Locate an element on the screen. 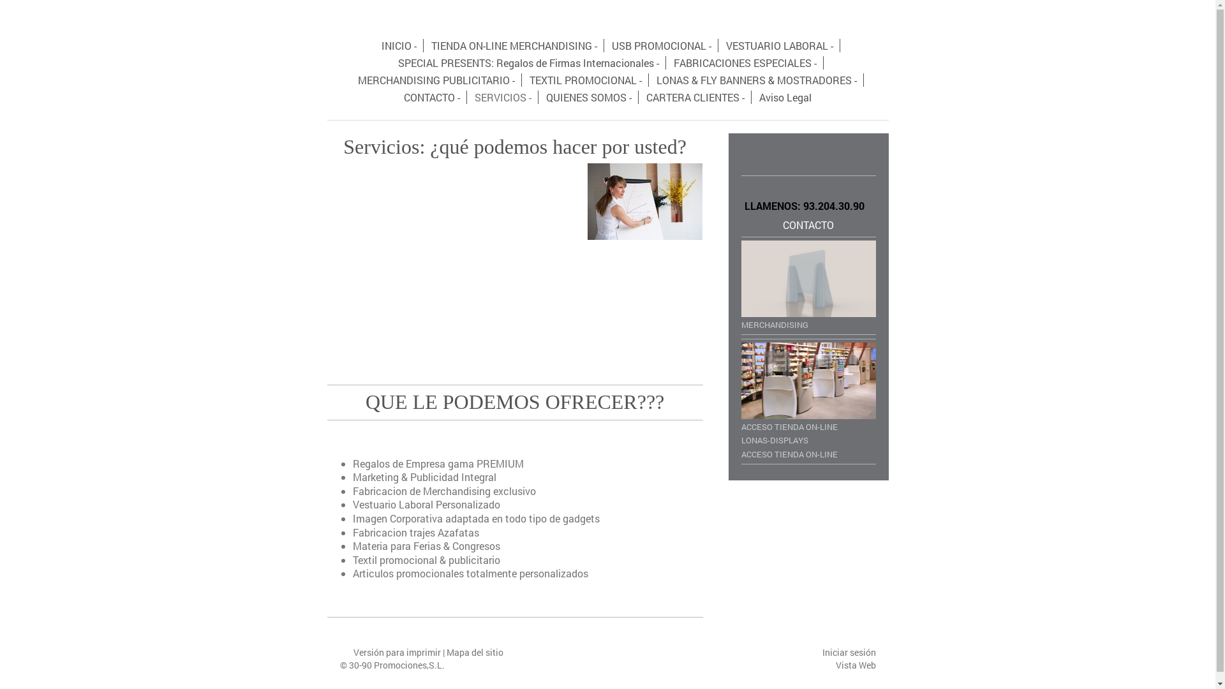  'FABRICACIONES ESPECIALES -' is located at coordinates (667, 63).